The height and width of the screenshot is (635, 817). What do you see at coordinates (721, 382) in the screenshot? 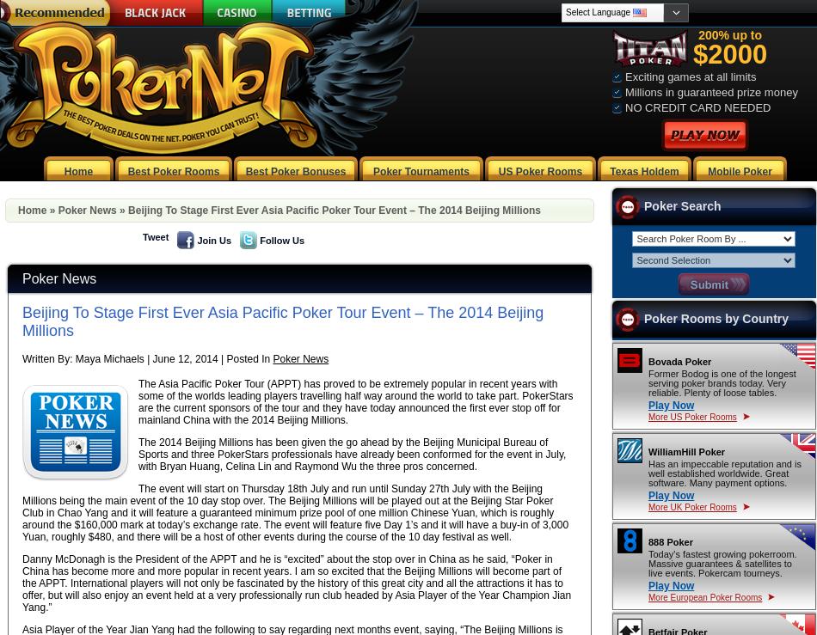
I see `'Former Bodog is one of the longest serving poker brands today. Very reliable. Plenty of loose tables.'` at bounding box center [721, 382].